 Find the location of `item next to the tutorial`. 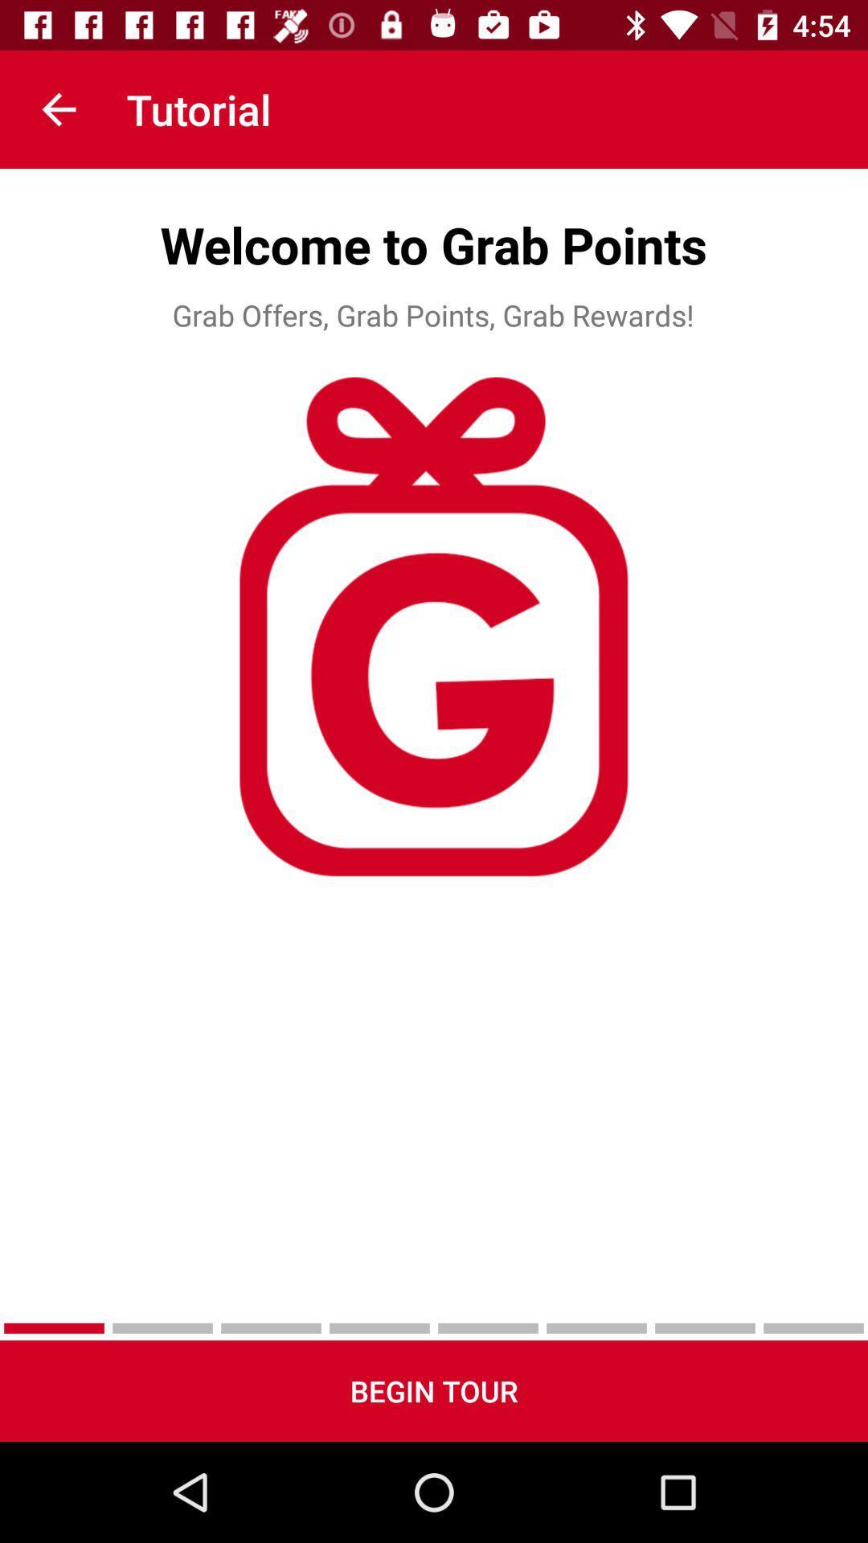

item next to the tutorial is located at coordinates (58, 108).